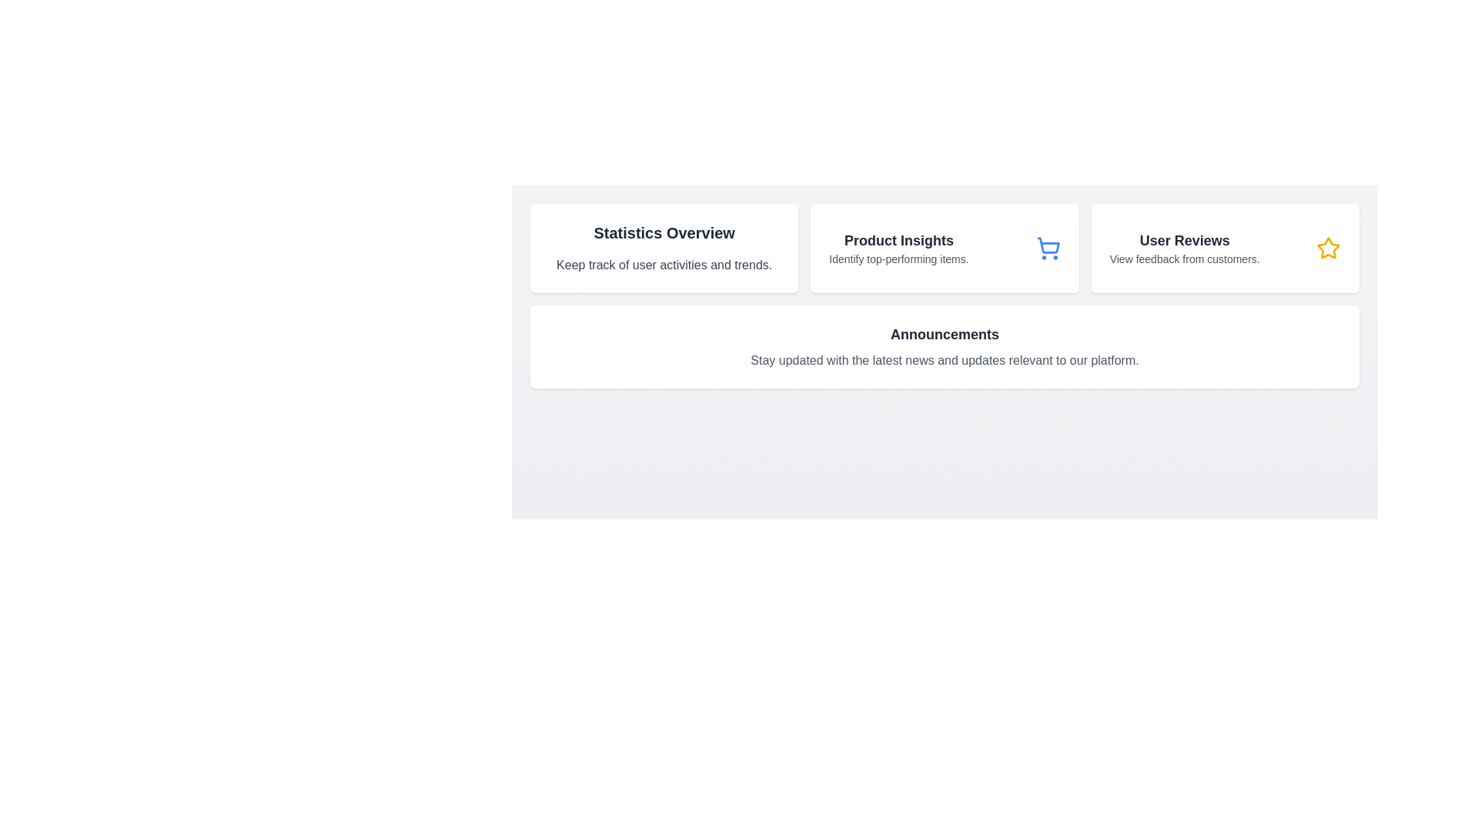 Image resolution: width=1478 pixels, height=831 pixels. What do you see at coordinates (664, 248) in the screenshot?
I see `the content of the Informational card titled 'Statistics Overview', which is the first card in the grid layout, featuring a bold title and descriptive text` at bounding box center [664, 248].